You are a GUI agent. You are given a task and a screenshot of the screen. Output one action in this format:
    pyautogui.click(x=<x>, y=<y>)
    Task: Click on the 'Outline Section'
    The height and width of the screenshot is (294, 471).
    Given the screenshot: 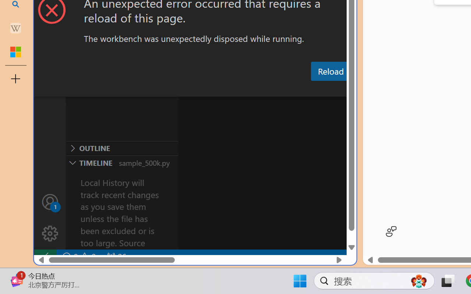 What is the action you would take?
    pyautogui.click(x=122, y=148)
    